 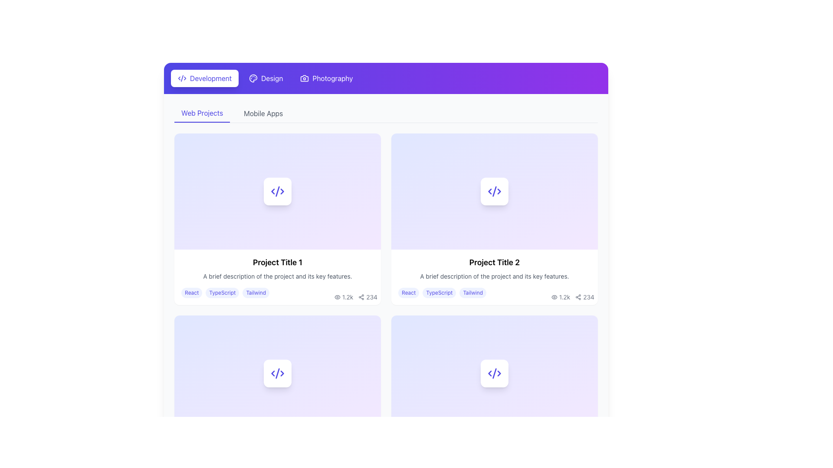 I want to click on badge labeled 'Tailwind', which is a small badge with a light indigo background and dark indigo text, positioned as the third item in a horizontal list below 'Project Title 2.', so click(x=472, y=292).